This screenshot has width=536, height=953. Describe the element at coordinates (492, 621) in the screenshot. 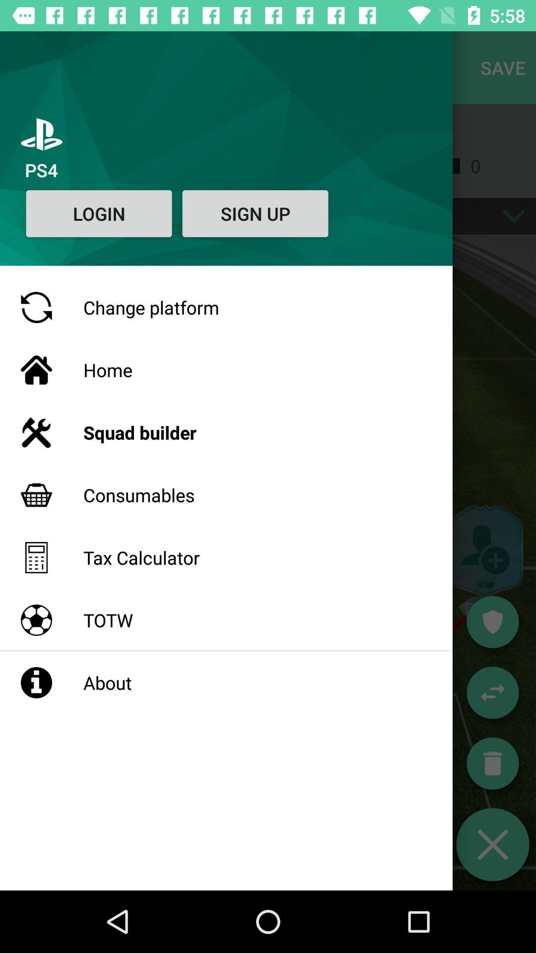

I see `the favorite icon` at that location.